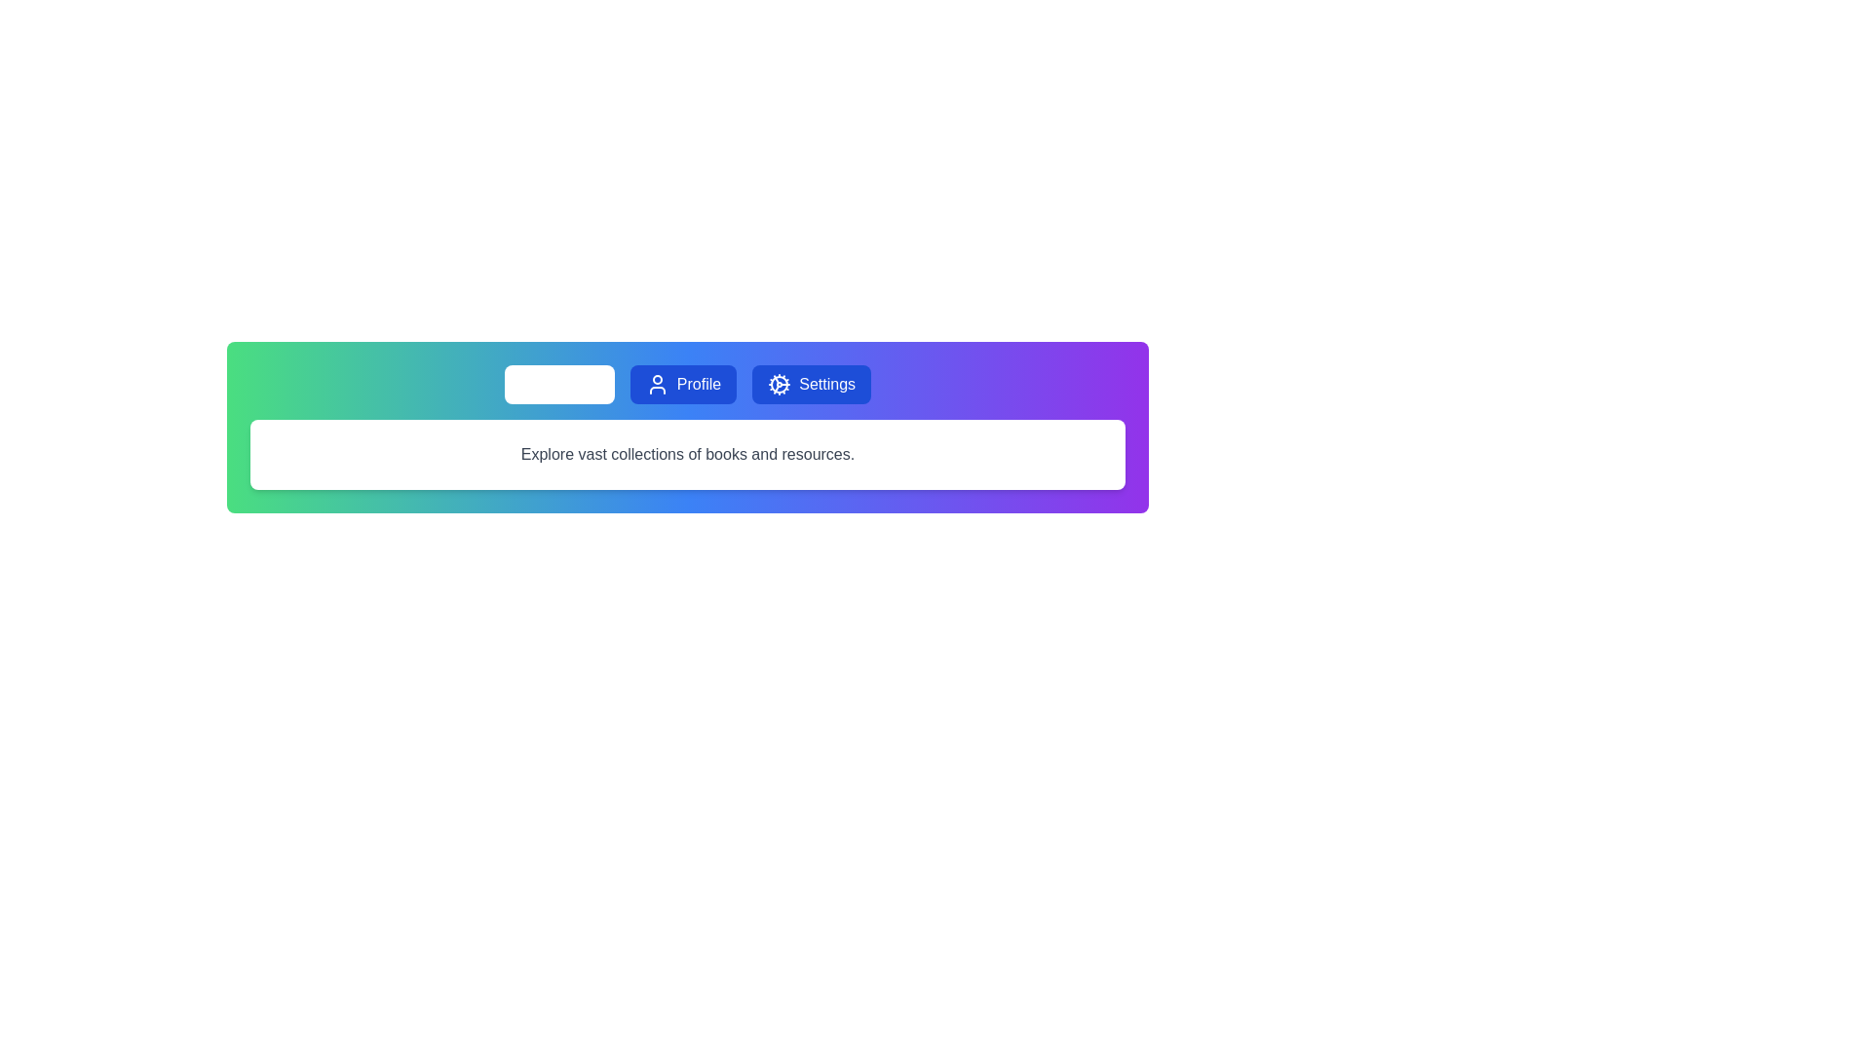 Image resolution: width=1871 pixels, height=1052 pixels. I want to click on the Library tab to reveal its hover styling effect, so click(558, 384).